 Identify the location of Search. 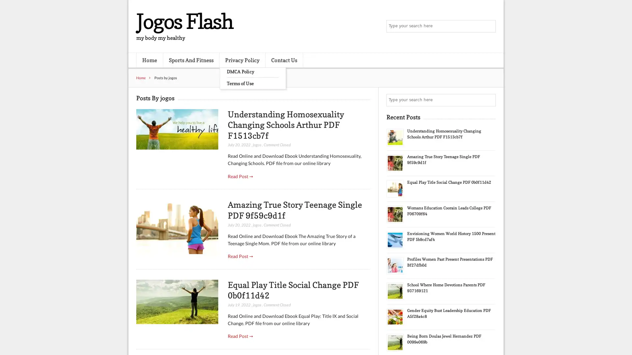
(489, 26).